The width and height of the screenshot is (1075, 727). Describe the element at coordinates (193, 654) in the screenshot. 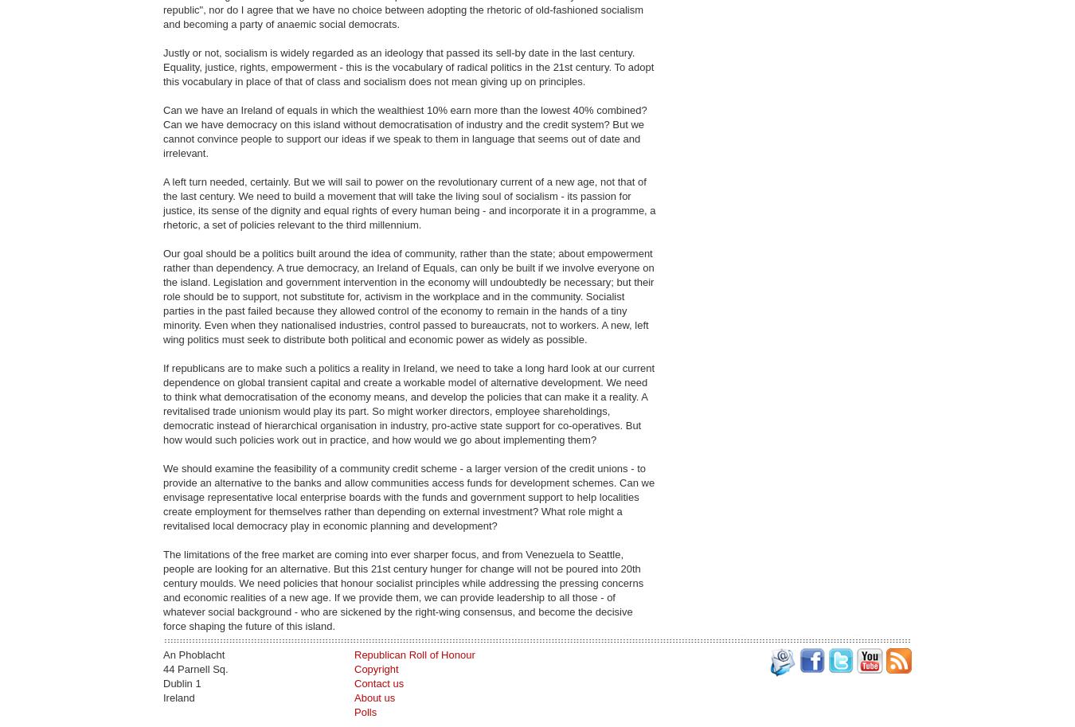

I see `'An Phoblacht'` at that location.